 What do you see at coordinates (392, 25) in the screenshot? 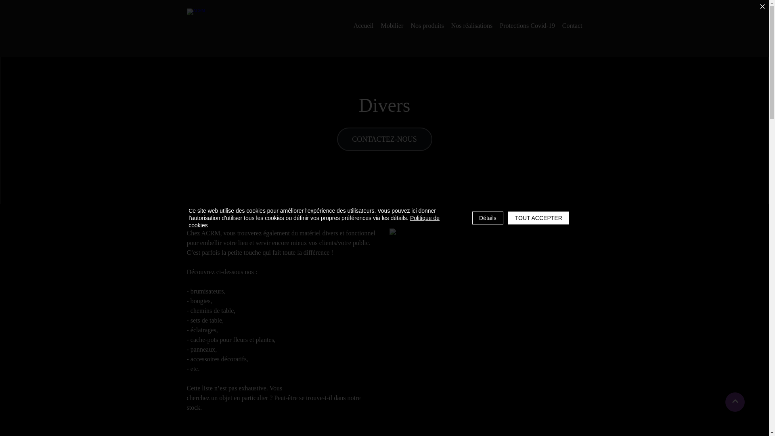
I see `'Mobilier'` at bounding box center [392, 25].